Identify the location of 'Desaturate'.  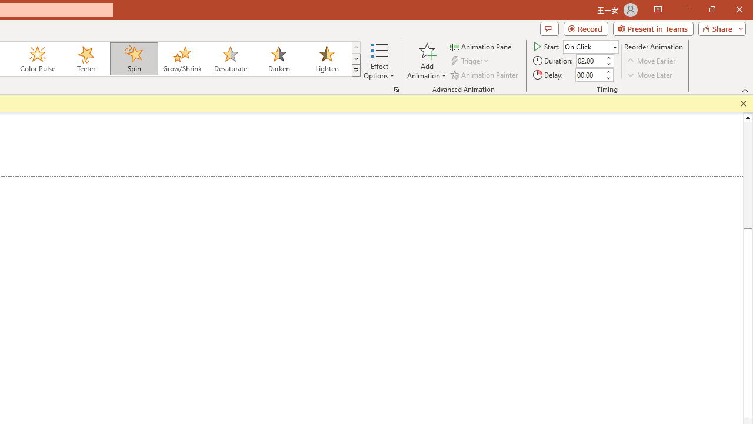
(230, 59).